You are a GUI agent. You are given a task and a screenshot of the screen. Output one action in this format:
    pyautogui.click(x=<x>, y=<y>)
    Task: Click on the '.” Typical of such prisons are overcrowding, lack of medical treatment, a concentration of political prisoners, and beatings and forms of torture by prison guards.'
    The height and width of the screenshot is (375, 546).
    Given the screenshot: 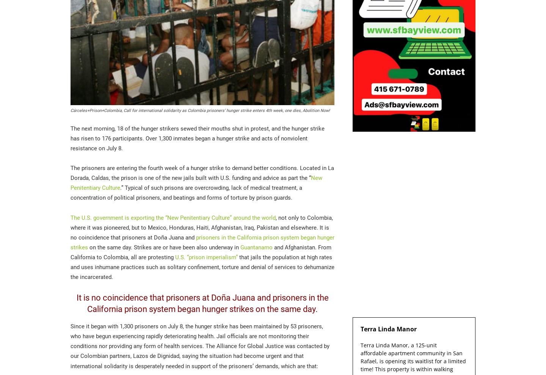 What is the action you would take?
    pyautogui.click(x=186, y=192)
    